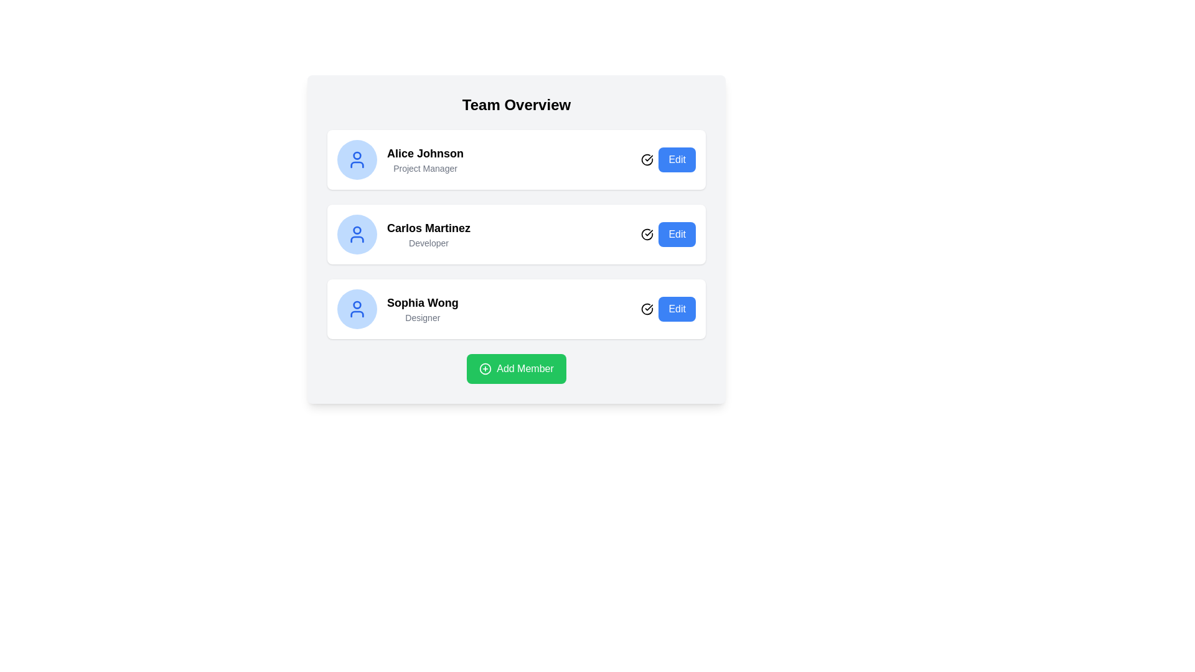 The height and width of the screenshot is (672, 1195). What do you see at coordinates (357, 159) in the screenshot?
I see `the user icon representing 'Alice Johnson, Project Manager' within the first card's circular background` at bounding box center [357, 159].